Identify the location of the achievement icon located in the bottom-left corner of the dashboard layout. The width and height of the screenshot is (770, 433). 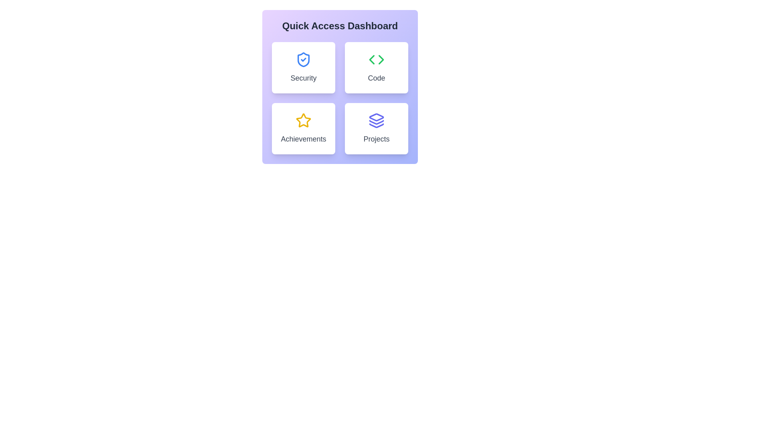
(303, 120).